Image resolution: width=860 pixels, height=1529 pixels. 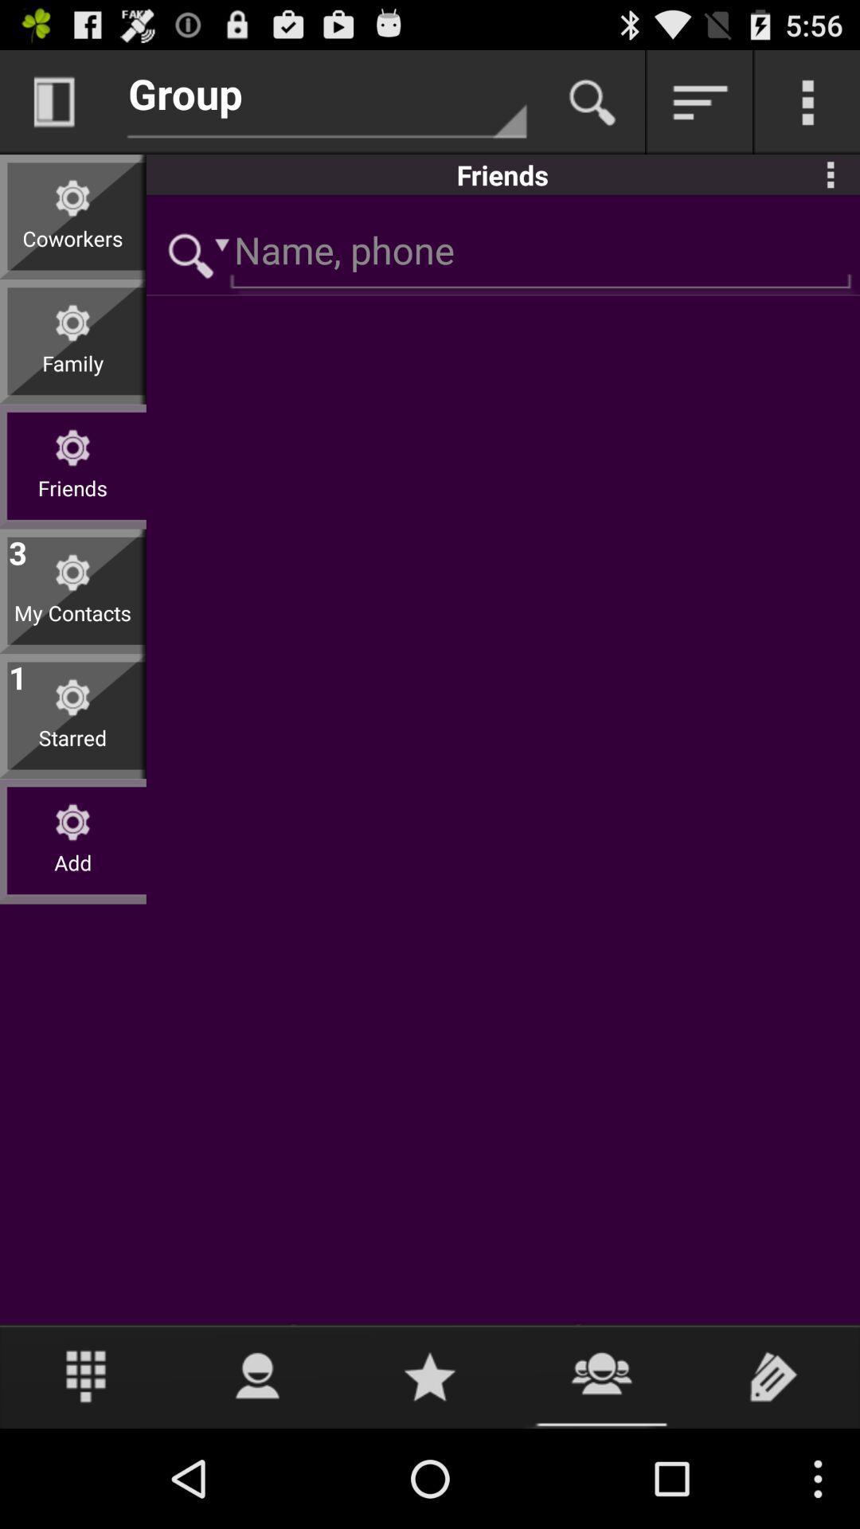 What do you see at coordinates (592, 108) in the screenshot?
I see `the search icon` at bounding box center [592, 108].